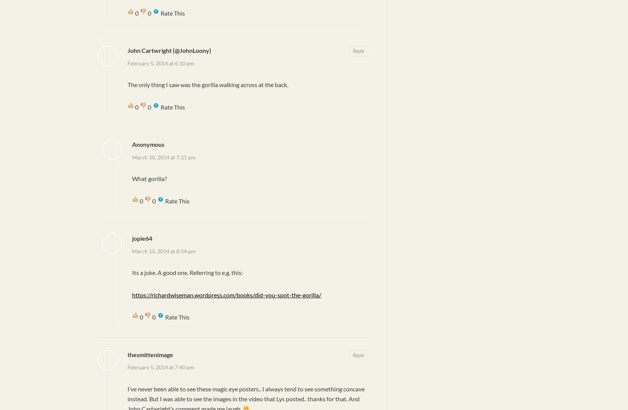 This screenshot has width=628, height=410. I want to click on 'thesmittenimage', so click(150, 354).